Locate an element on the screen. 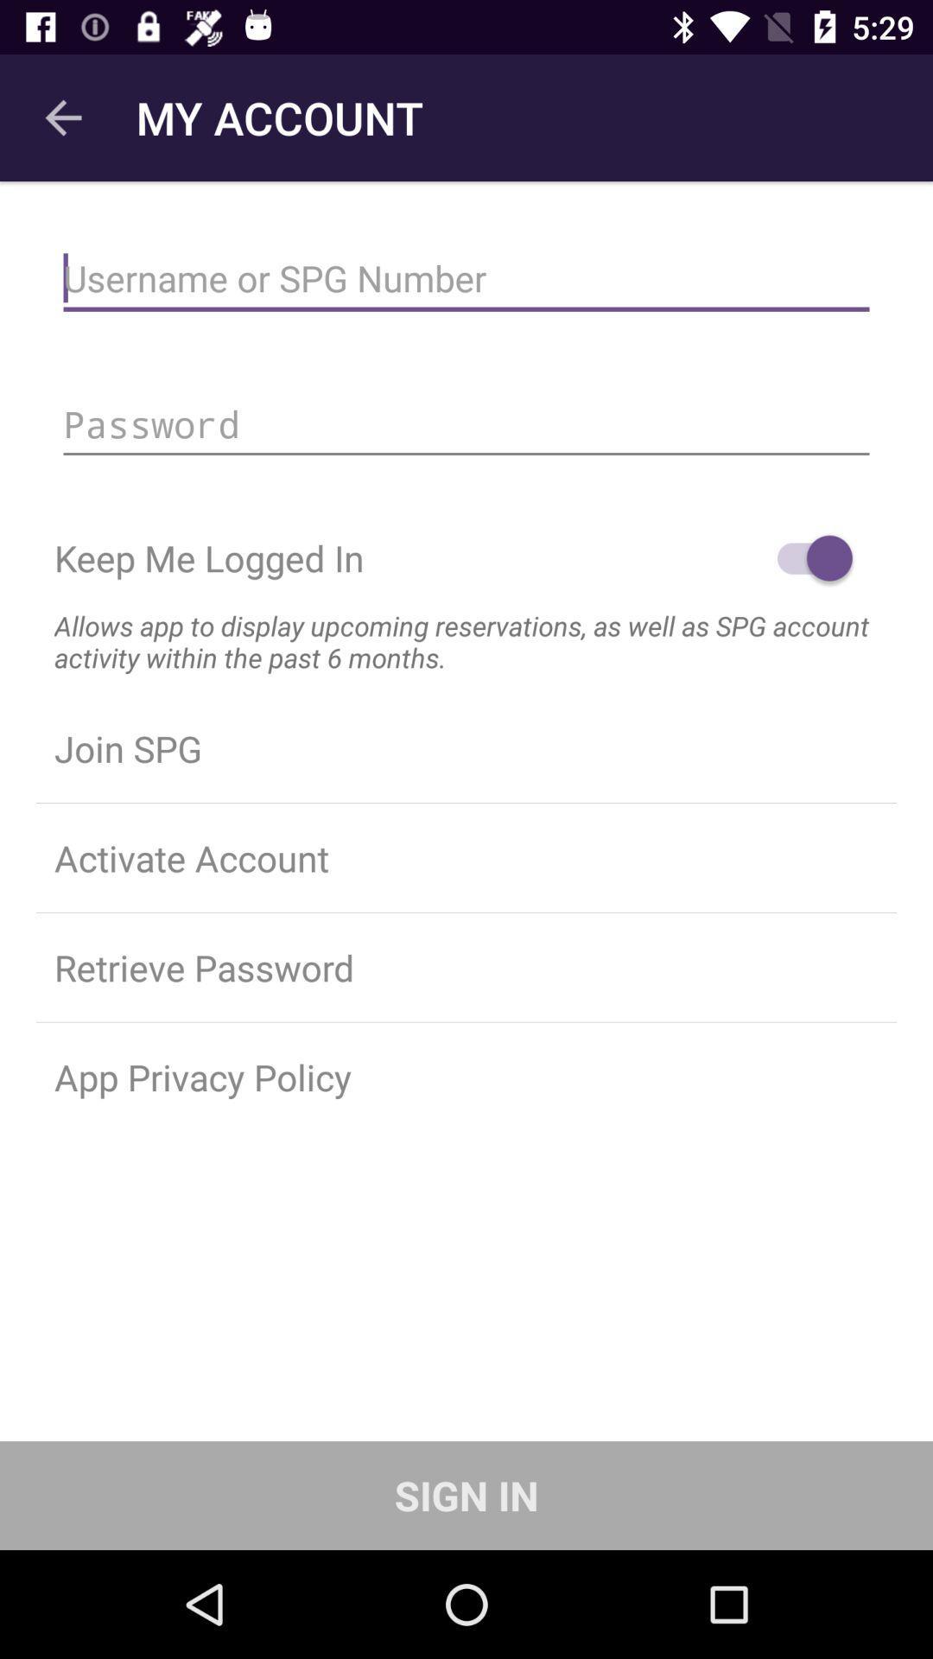  activate account icon is located at coordinates (466, 858).